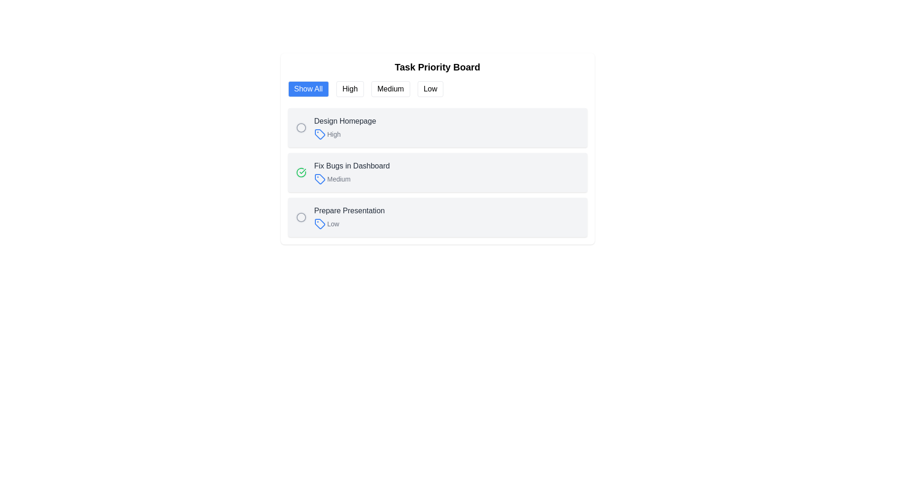 Image resolution: width=897 pixels, height=504 pixels. I want to click on the circular icon with a gray border located at the top-left of the task list, associated with the task 'Design Homepage.', so click(301, 127).